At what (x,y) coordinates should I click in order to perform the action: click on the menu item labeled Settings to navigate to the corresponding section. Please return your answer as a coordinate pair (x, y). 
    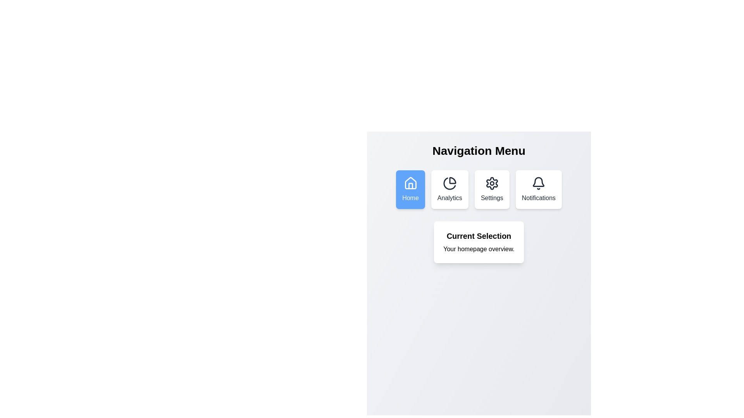
    Looking at the image, I should click on (491, 189).